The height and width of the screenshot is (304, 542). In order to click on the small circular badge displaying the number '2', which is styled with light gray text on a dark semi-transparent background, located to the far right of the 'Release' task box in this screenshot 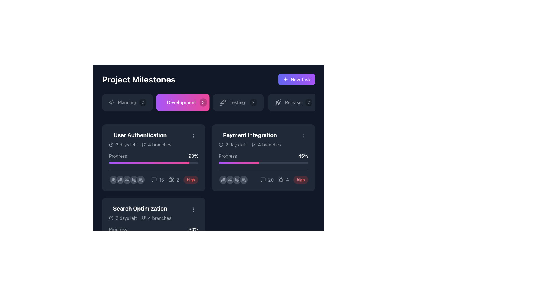, I will do `click(308, 102)`.